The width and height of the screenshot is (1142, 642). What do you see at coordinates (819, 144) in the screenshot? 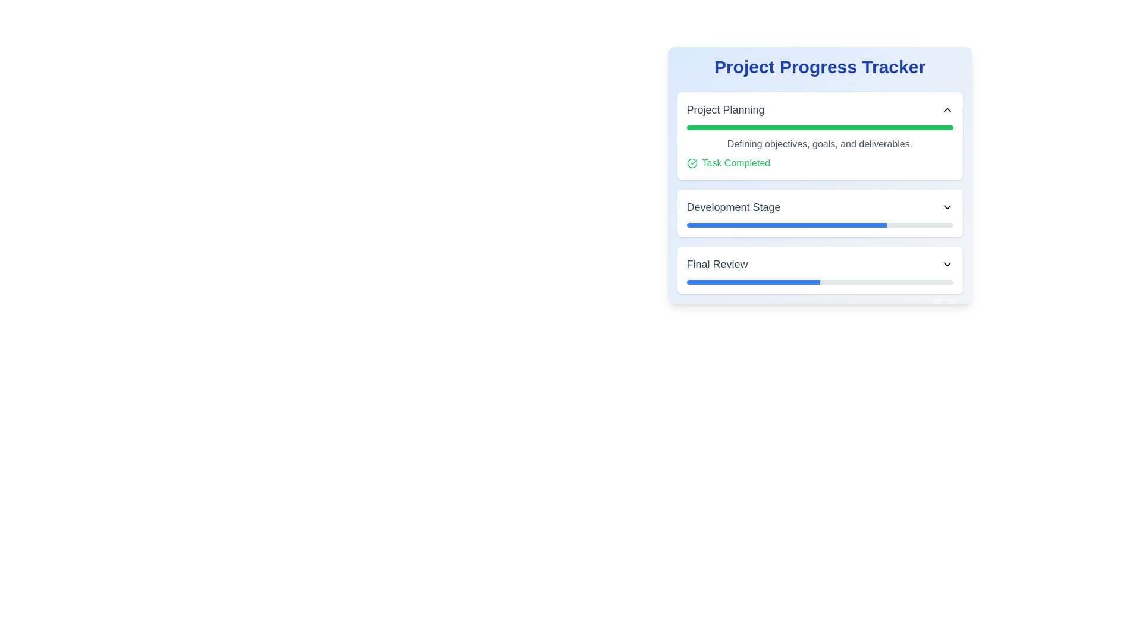
I see `static text display that informs users about the objectives, goals, and deliverables for the 'Project Planning' section, located above 'Task Completed' and a green checkmark icon` at bounding box center [819, 144].